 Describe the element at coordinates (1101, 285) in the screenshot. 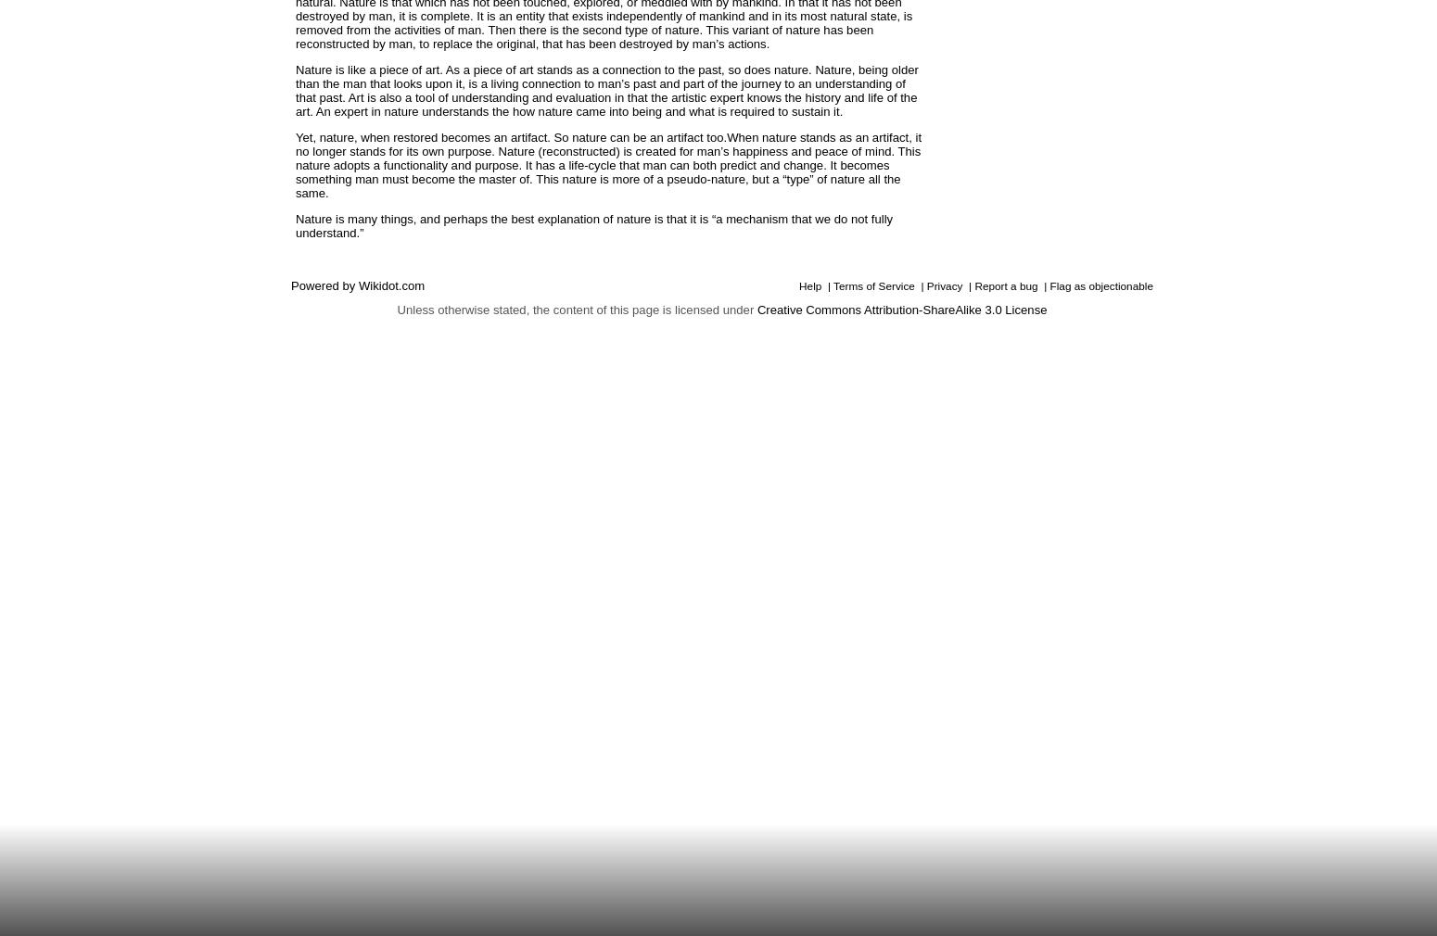

I see `'Flag as objectionable'` at that location.